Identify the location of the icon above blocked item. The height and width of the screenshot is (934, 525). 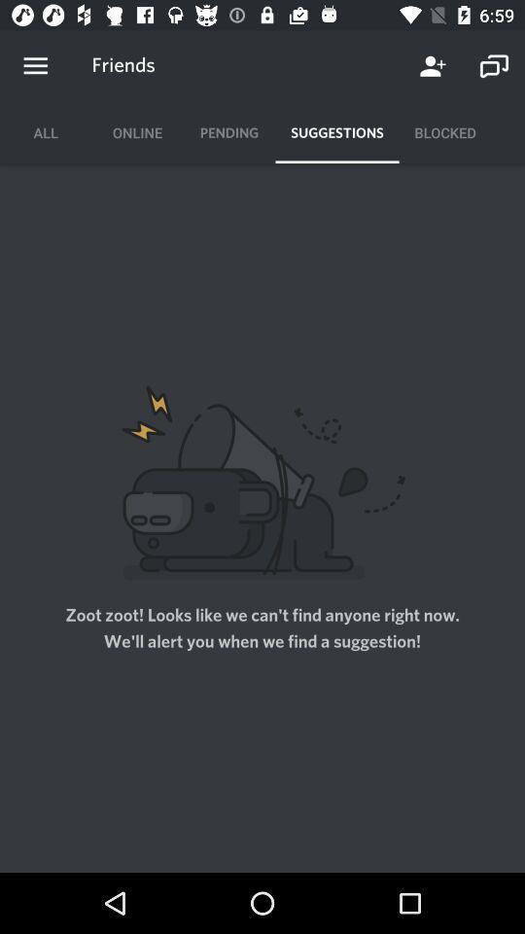
(433, 66).